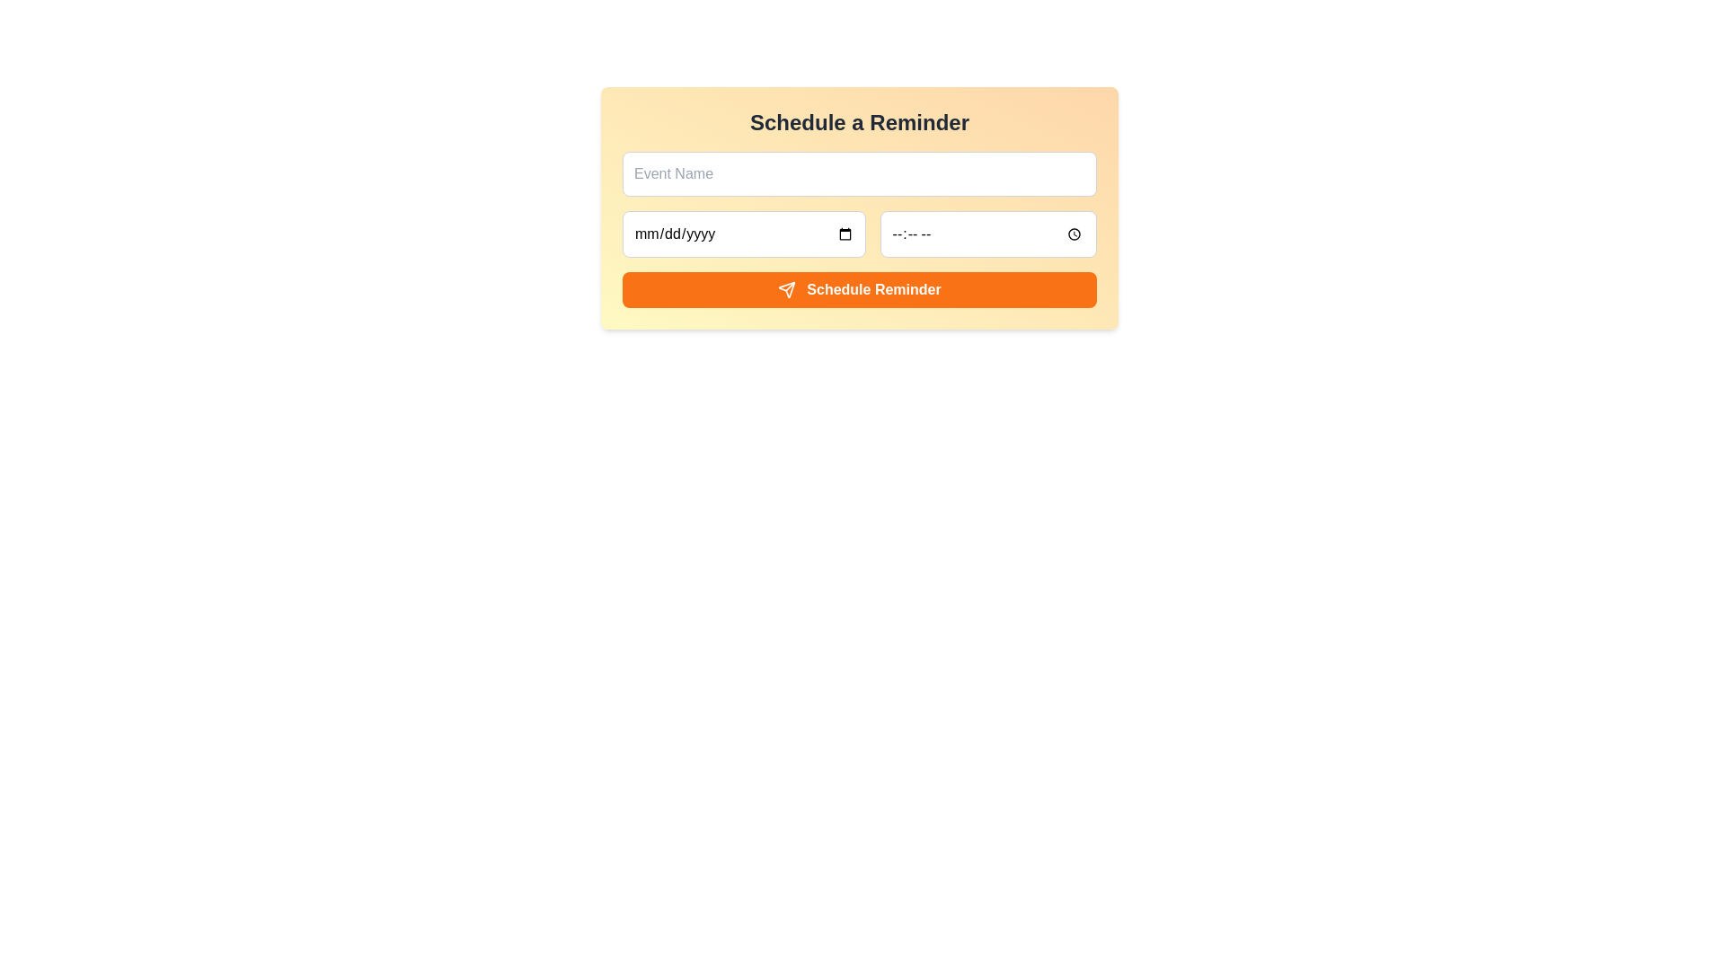 This screenshot has width=1725, height=970. I want to click on the paper airplane icon within the 'Schedule Reminder' button, so click(787, 289).